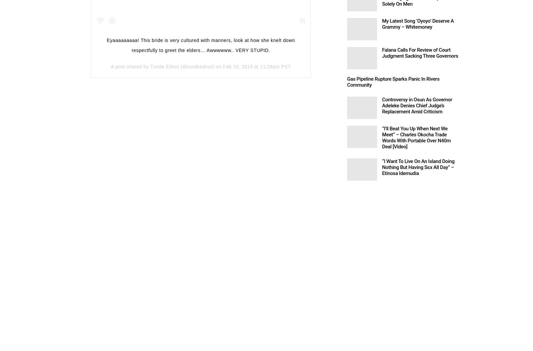 The image size is (533, 351). What do you see at coordinates (257, 66) in the screenshot?
I see `'Feb 10, 2019 at 11:26am PST'` at bounding box center [257, 66].